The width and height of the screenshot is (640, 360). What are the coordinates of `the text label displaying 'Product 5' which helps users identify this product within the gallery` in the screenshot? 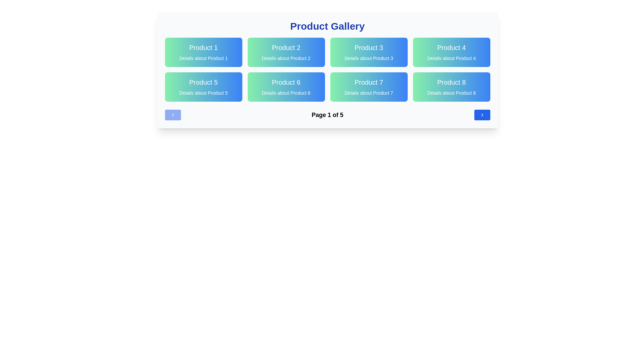 It's located at (203, 82).